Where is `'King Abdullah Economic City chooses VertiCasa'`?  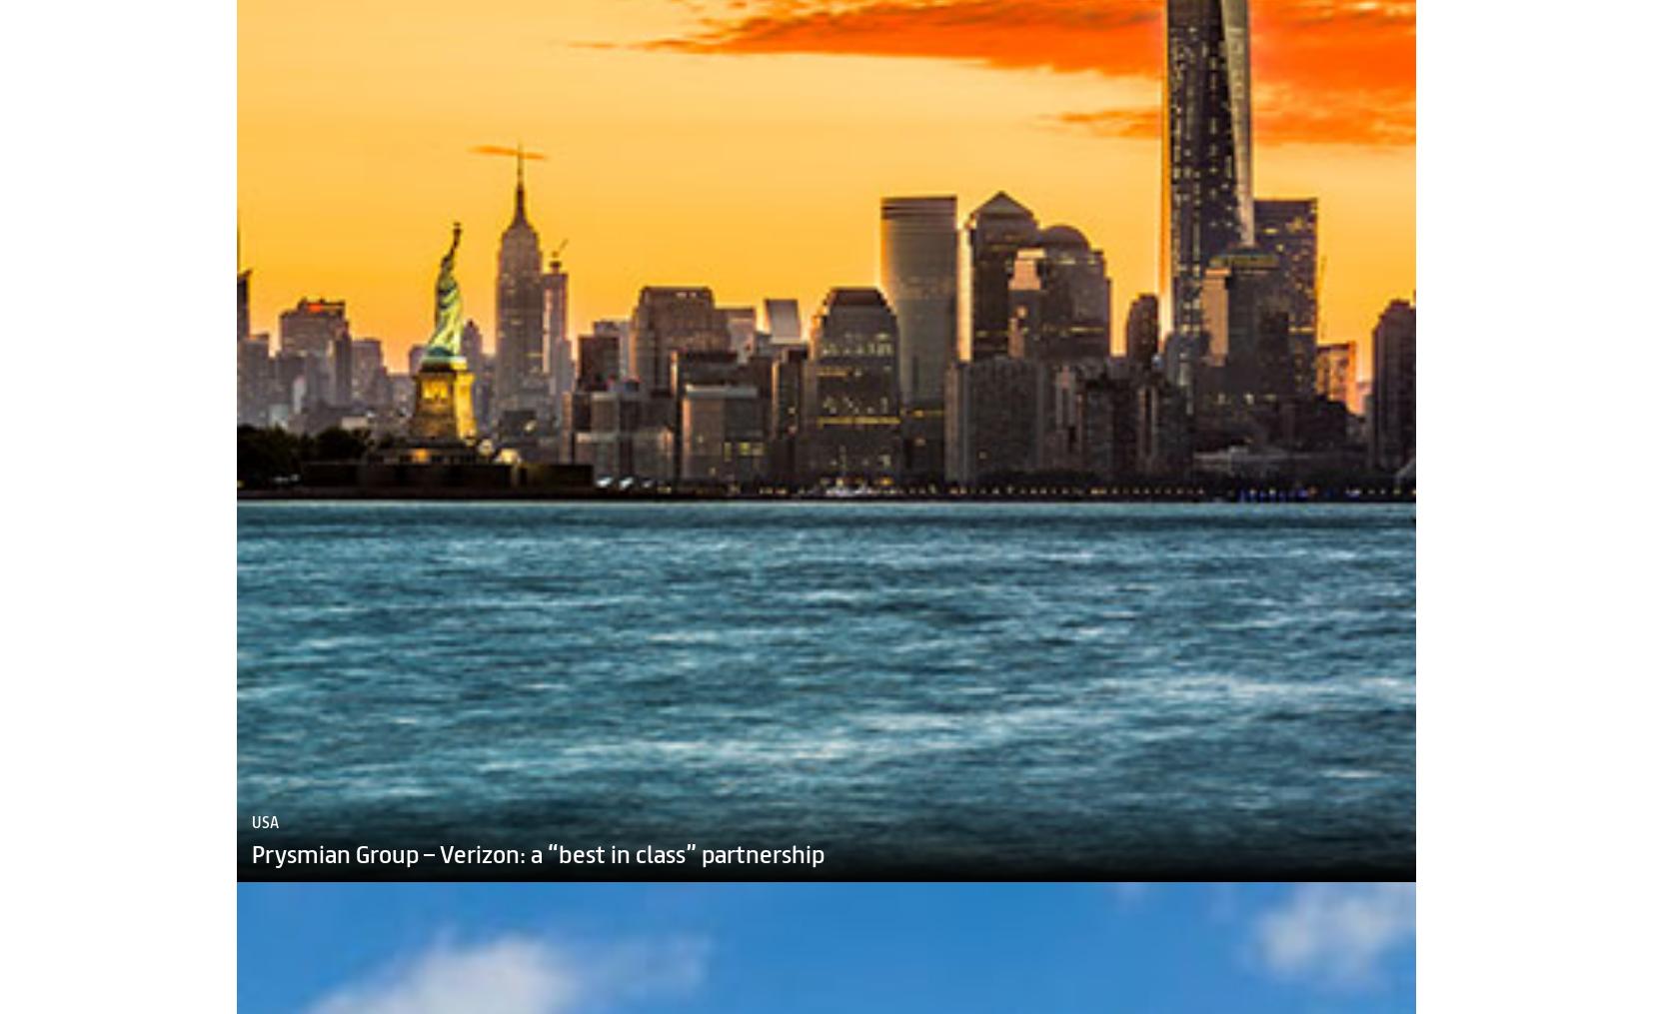 'King Abdullah Economic City chooses VertiCasa' is located at coordinates (499, 761).